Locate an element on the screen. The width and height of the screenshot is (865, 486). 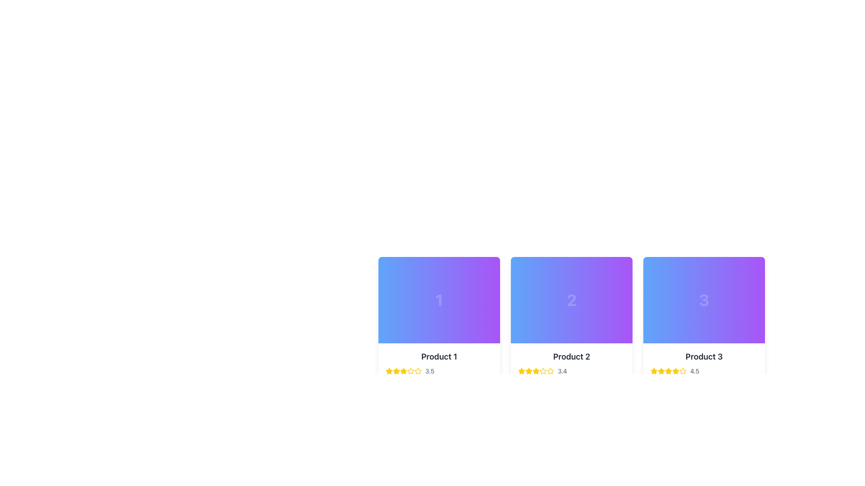
the first star icon in the star rating indicator is located at coordinates (389, 371).